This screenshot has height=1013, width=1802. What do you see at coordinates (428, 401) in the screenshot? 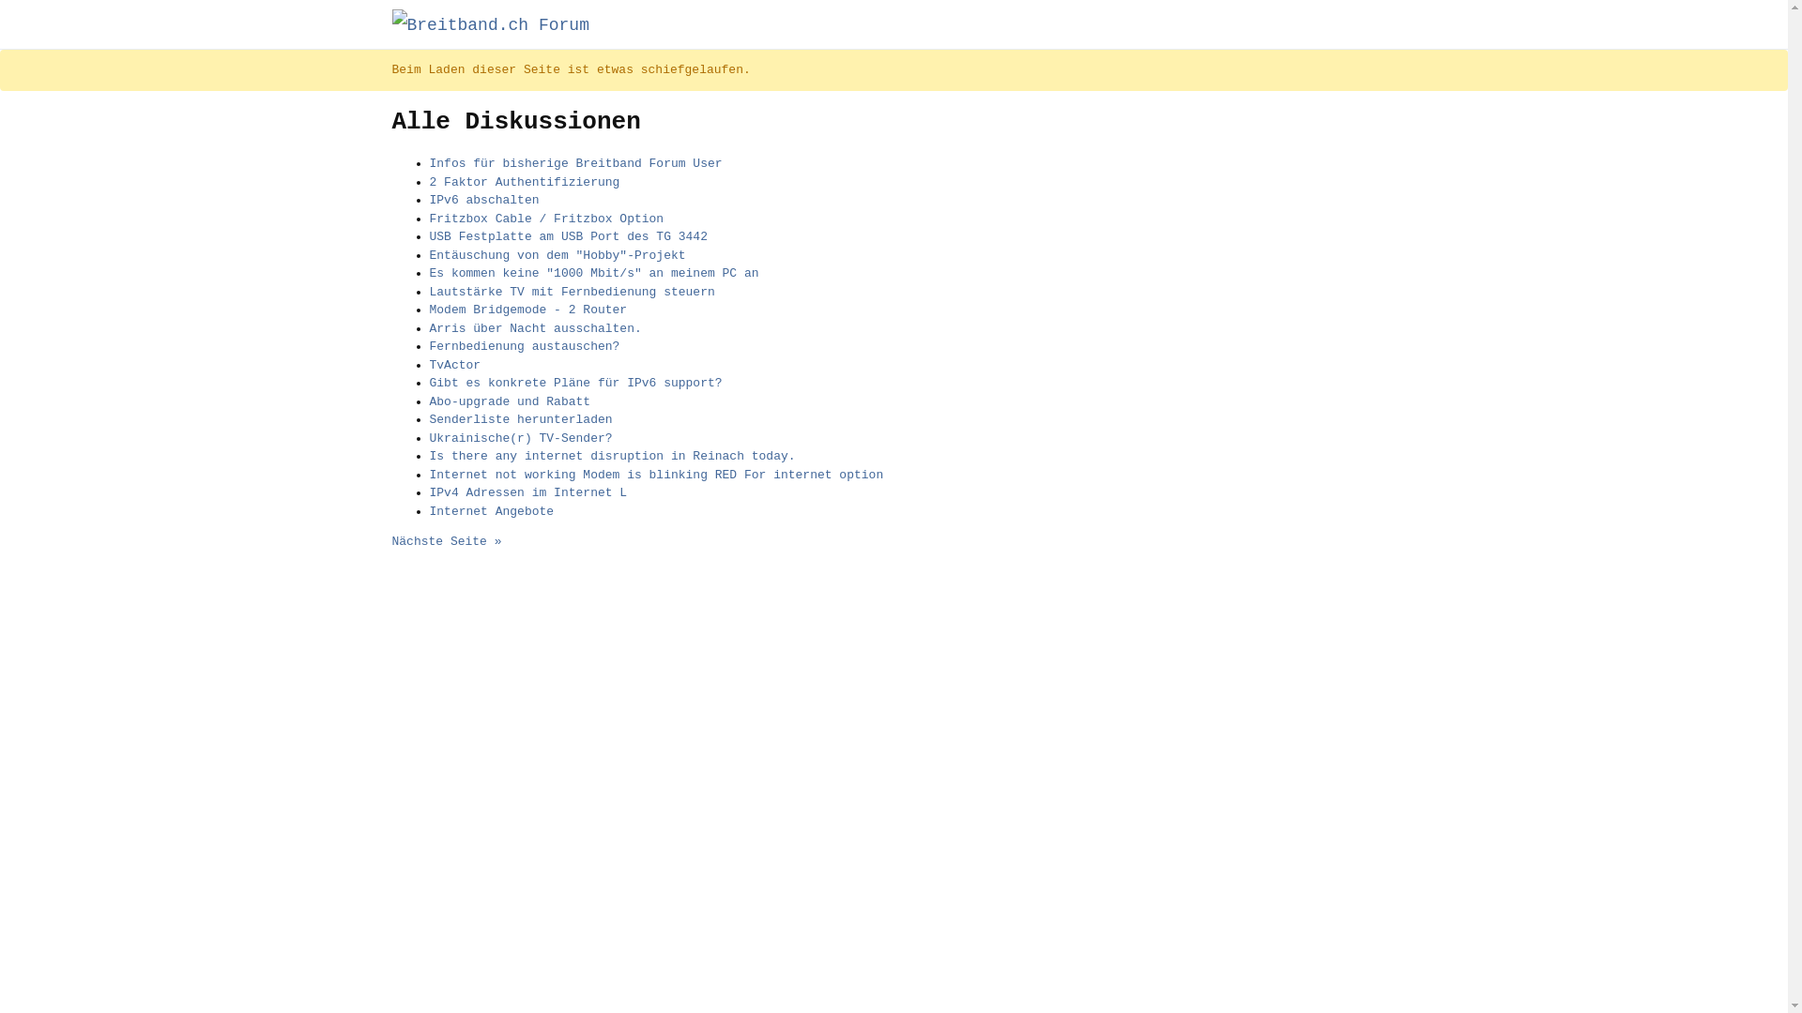
I see `'Abo-upgrade und Rabatt'` at bounding box center [428, 401].